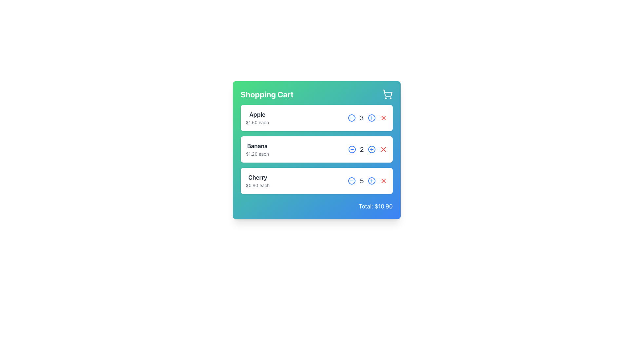  Describe the element at coordinates (257, 186) in the screenshot. I see `the unit price label of the 'Cherry' product, which is located in the shopping cart interface as the third item listed, directly below the item name` at that location.